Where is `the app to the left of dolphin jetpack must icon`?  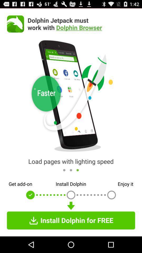 the app to the left of dolphin jetpack must icon is located at coordinates (16, 24).